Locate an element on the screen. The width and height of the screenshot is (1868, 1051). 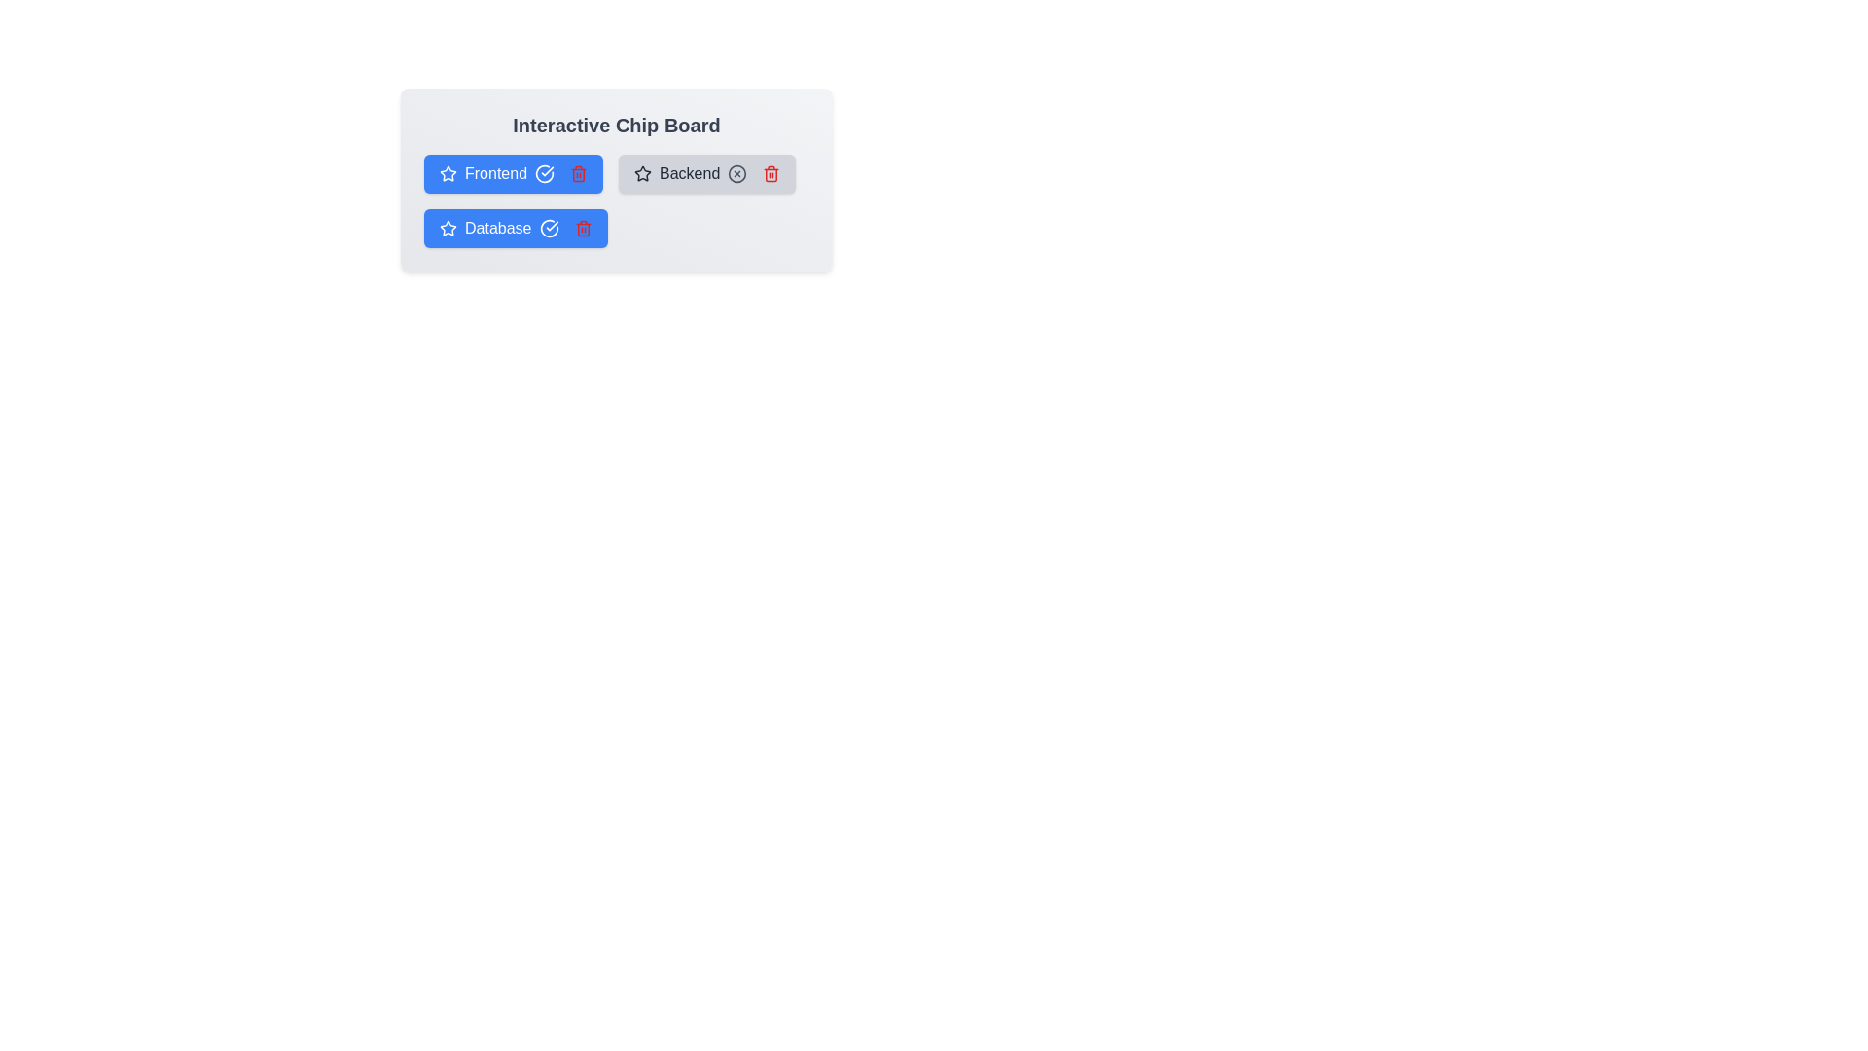
the trash icon of the chip labeled Database to remove it is located at coordinates (582, 228).